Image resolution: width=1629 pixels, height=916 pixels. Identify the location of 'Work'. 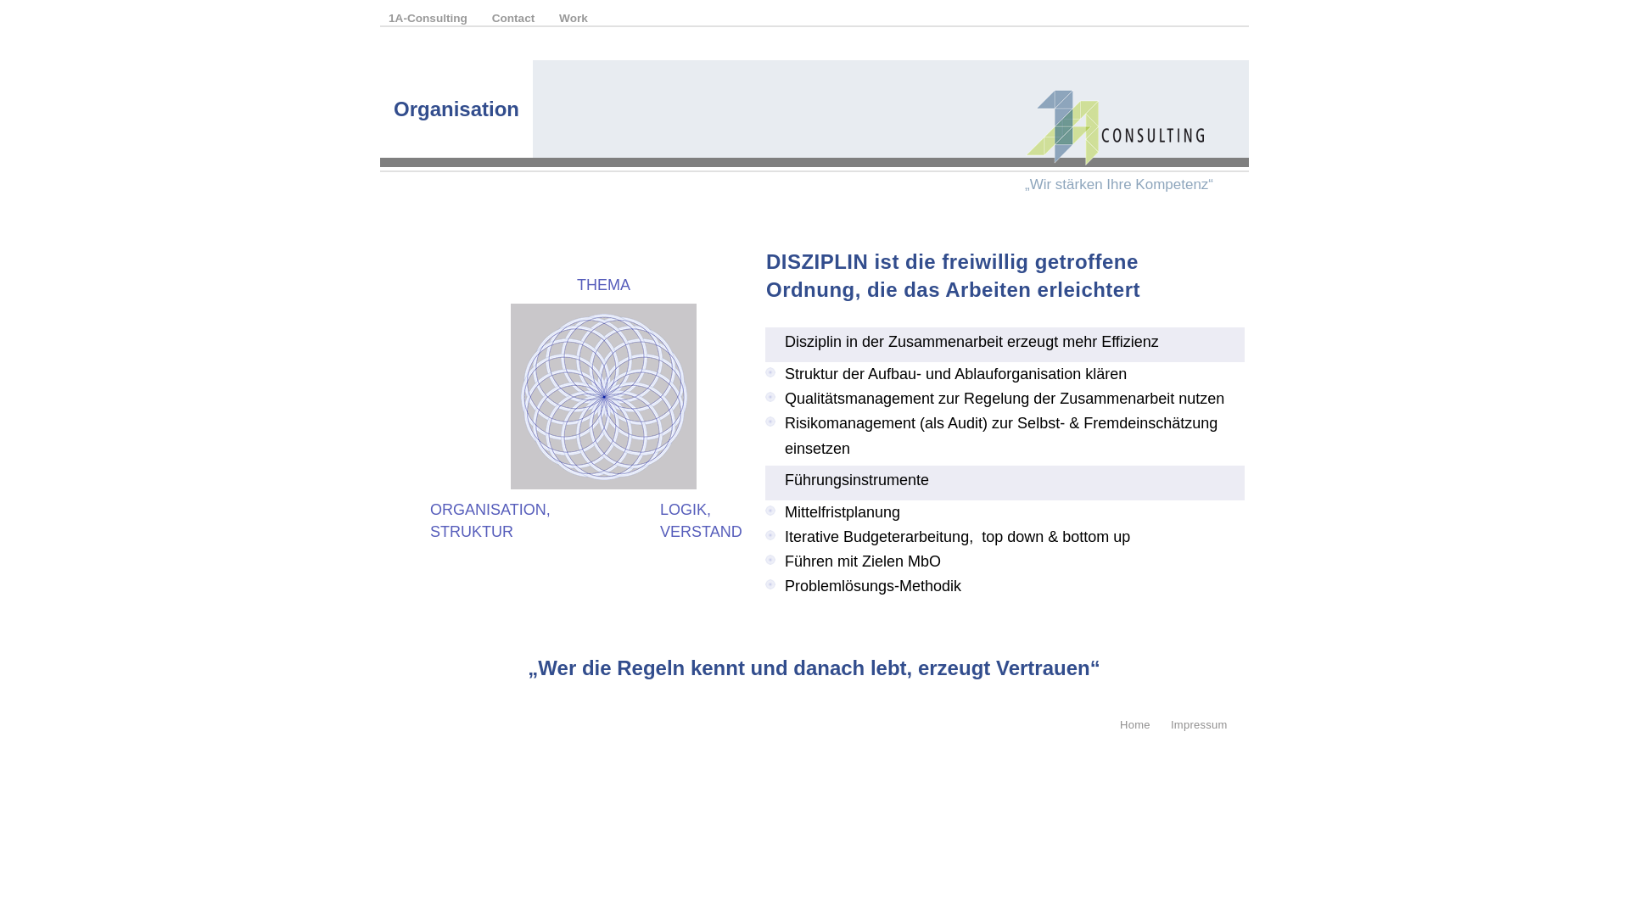
(574, 18).